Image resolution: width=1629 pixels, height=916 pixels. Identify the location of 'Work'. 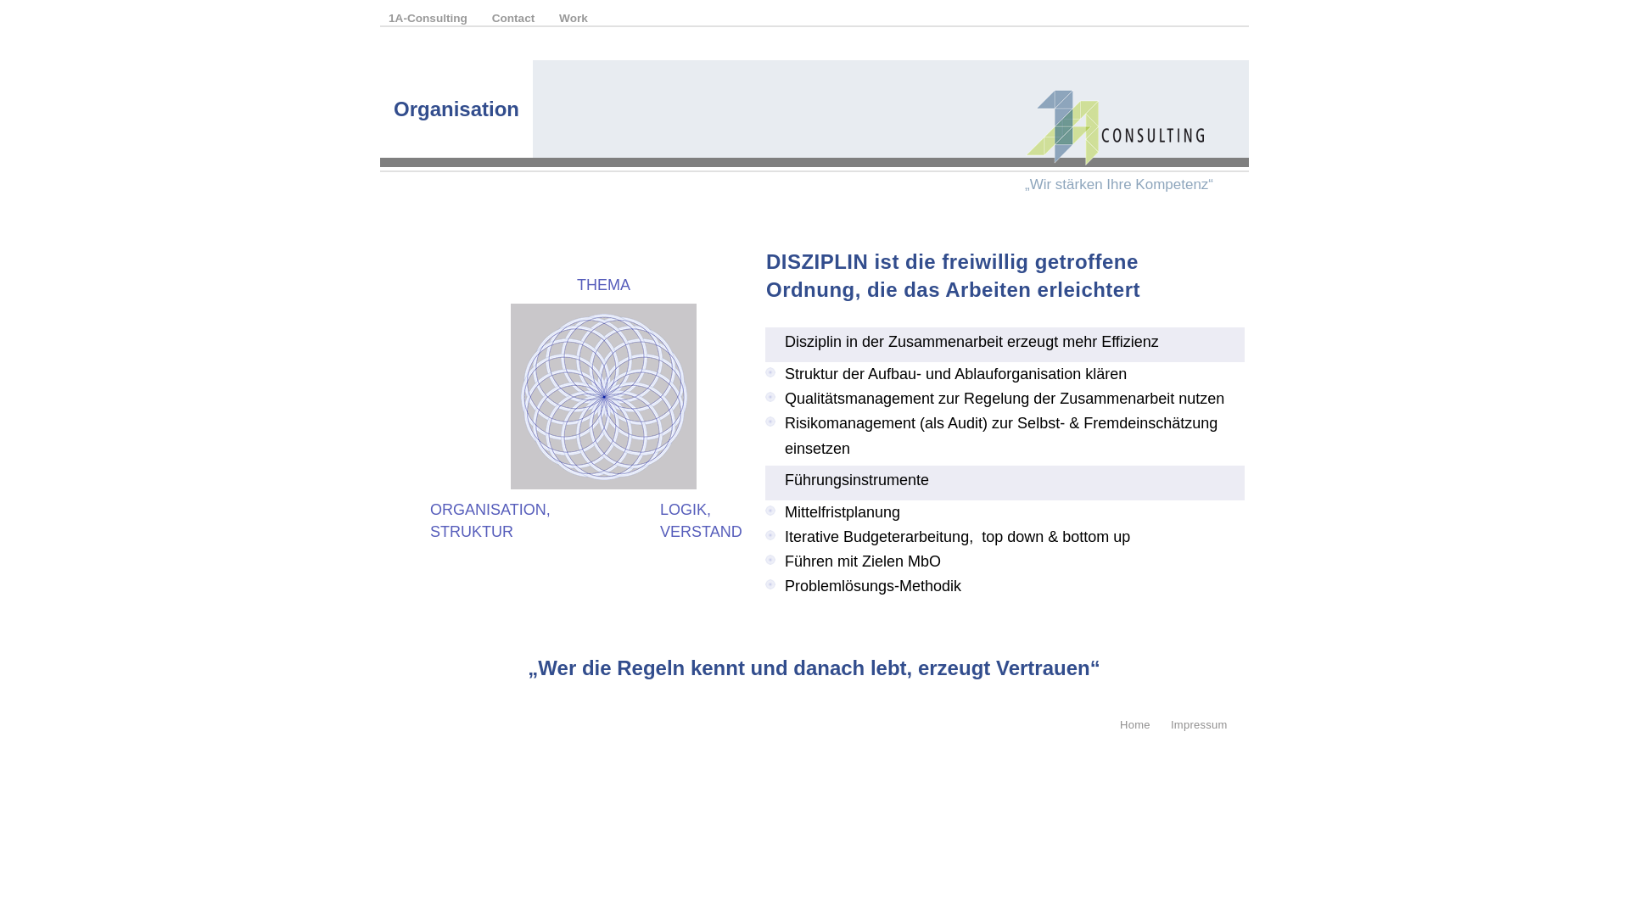
(574, 18).